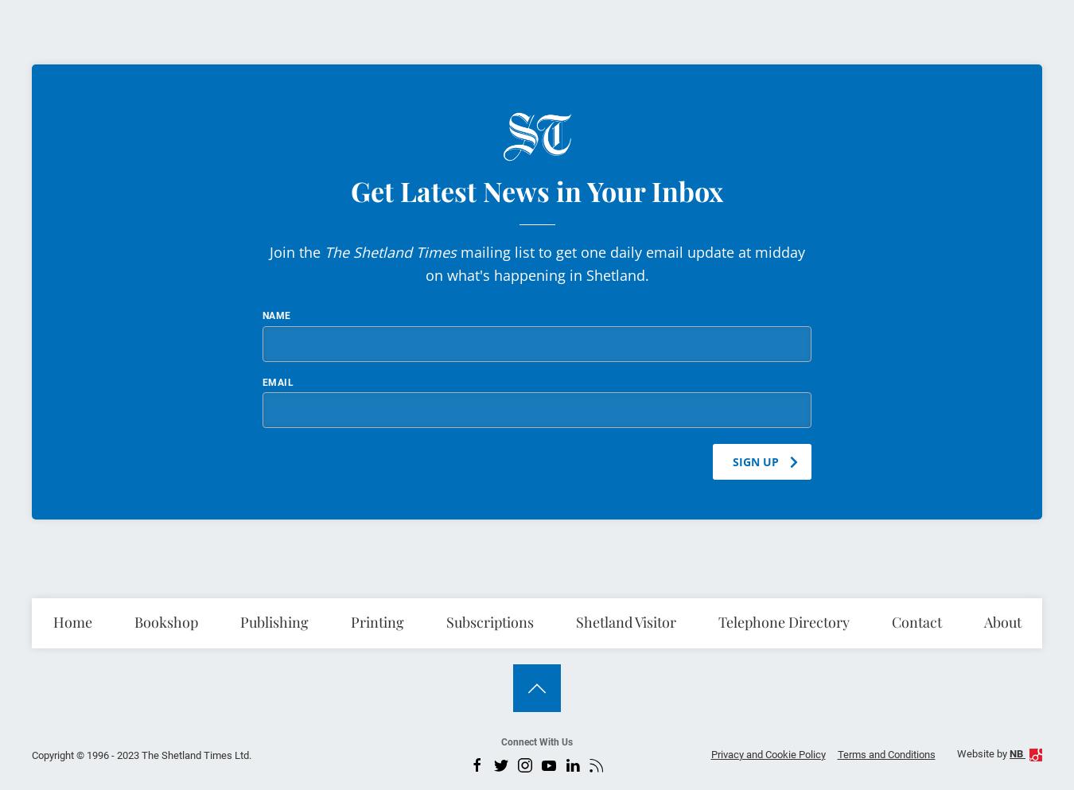 The height and width of the screenshot is (790, 1074). What do you see at coordinates (613, 262) in the screenshot?
I see `'mailing list to get one daily email update at midday on what's happening in Shetland.'` at bounding box center [613, 262].